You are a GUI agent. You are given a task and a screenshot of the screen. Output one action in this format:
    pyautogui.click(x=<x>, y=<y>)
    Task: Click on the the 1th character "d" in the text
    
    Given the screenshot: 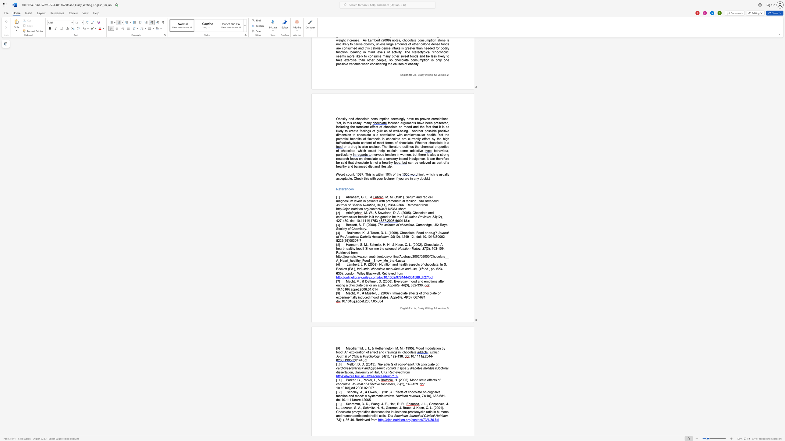 What is the action you would take?
    pyautogui.click(x=427, y=269)
    